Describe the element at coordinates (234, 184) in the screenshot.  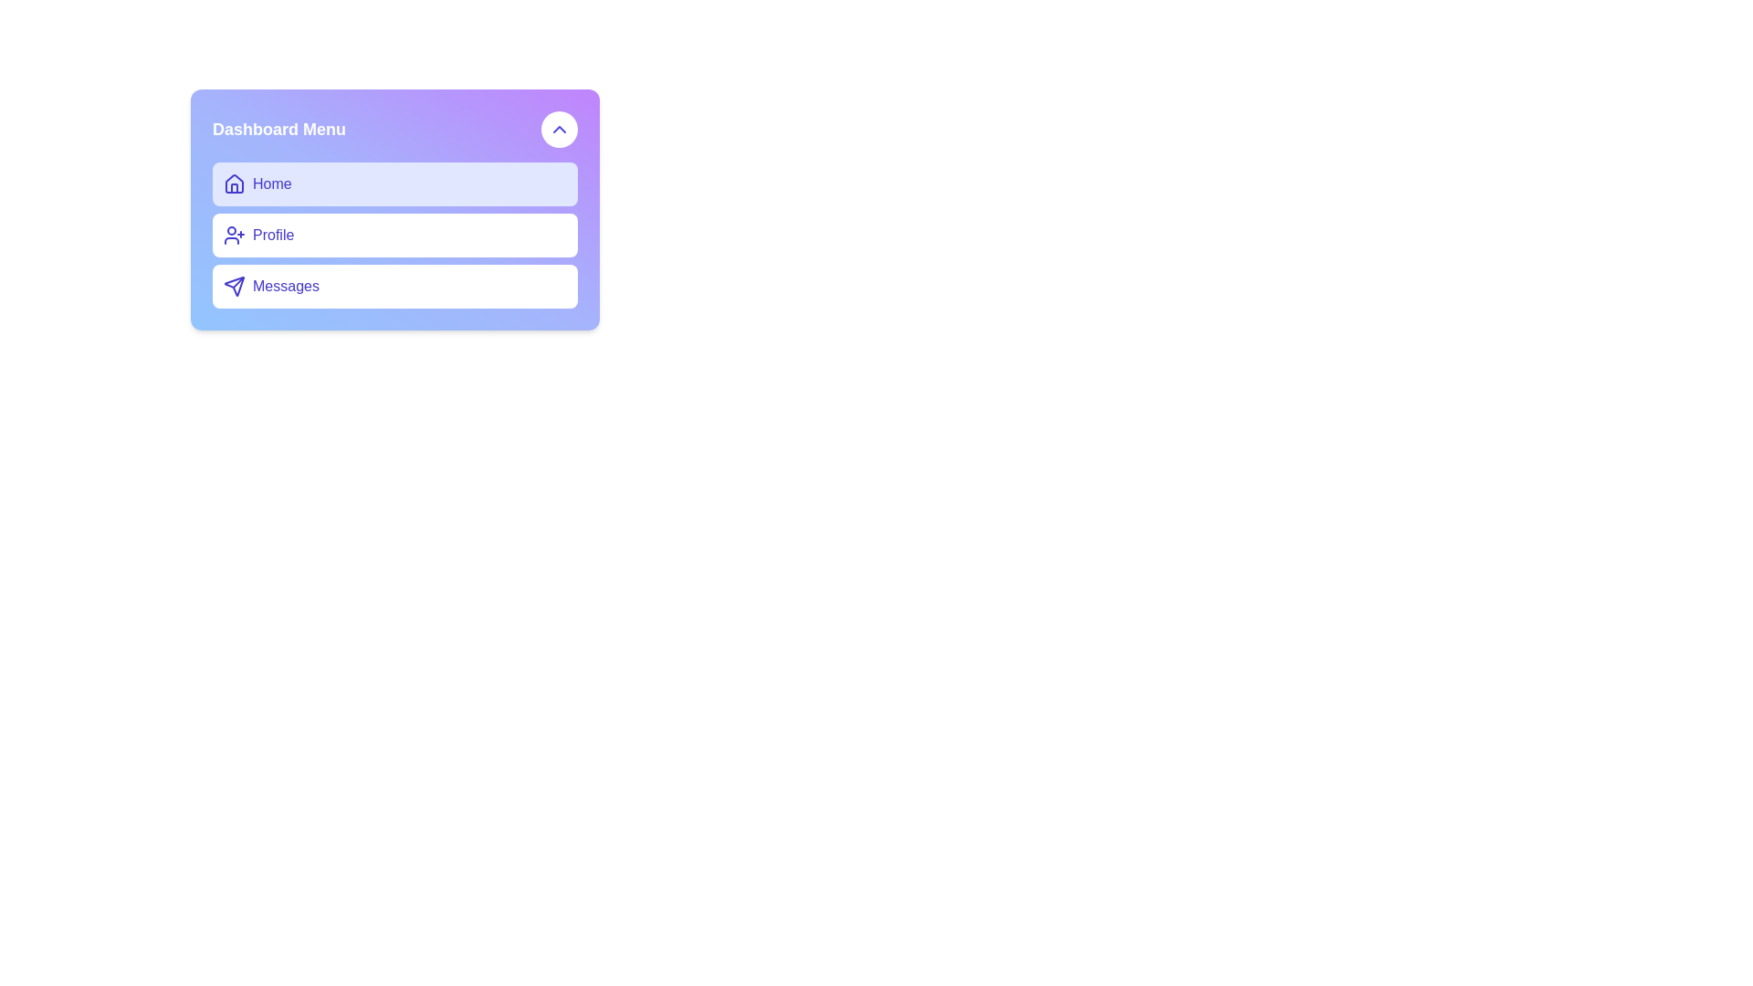
I see `the 'Home' menu item icon located in the 'Dashboard Menu' vertical panel` at that location.